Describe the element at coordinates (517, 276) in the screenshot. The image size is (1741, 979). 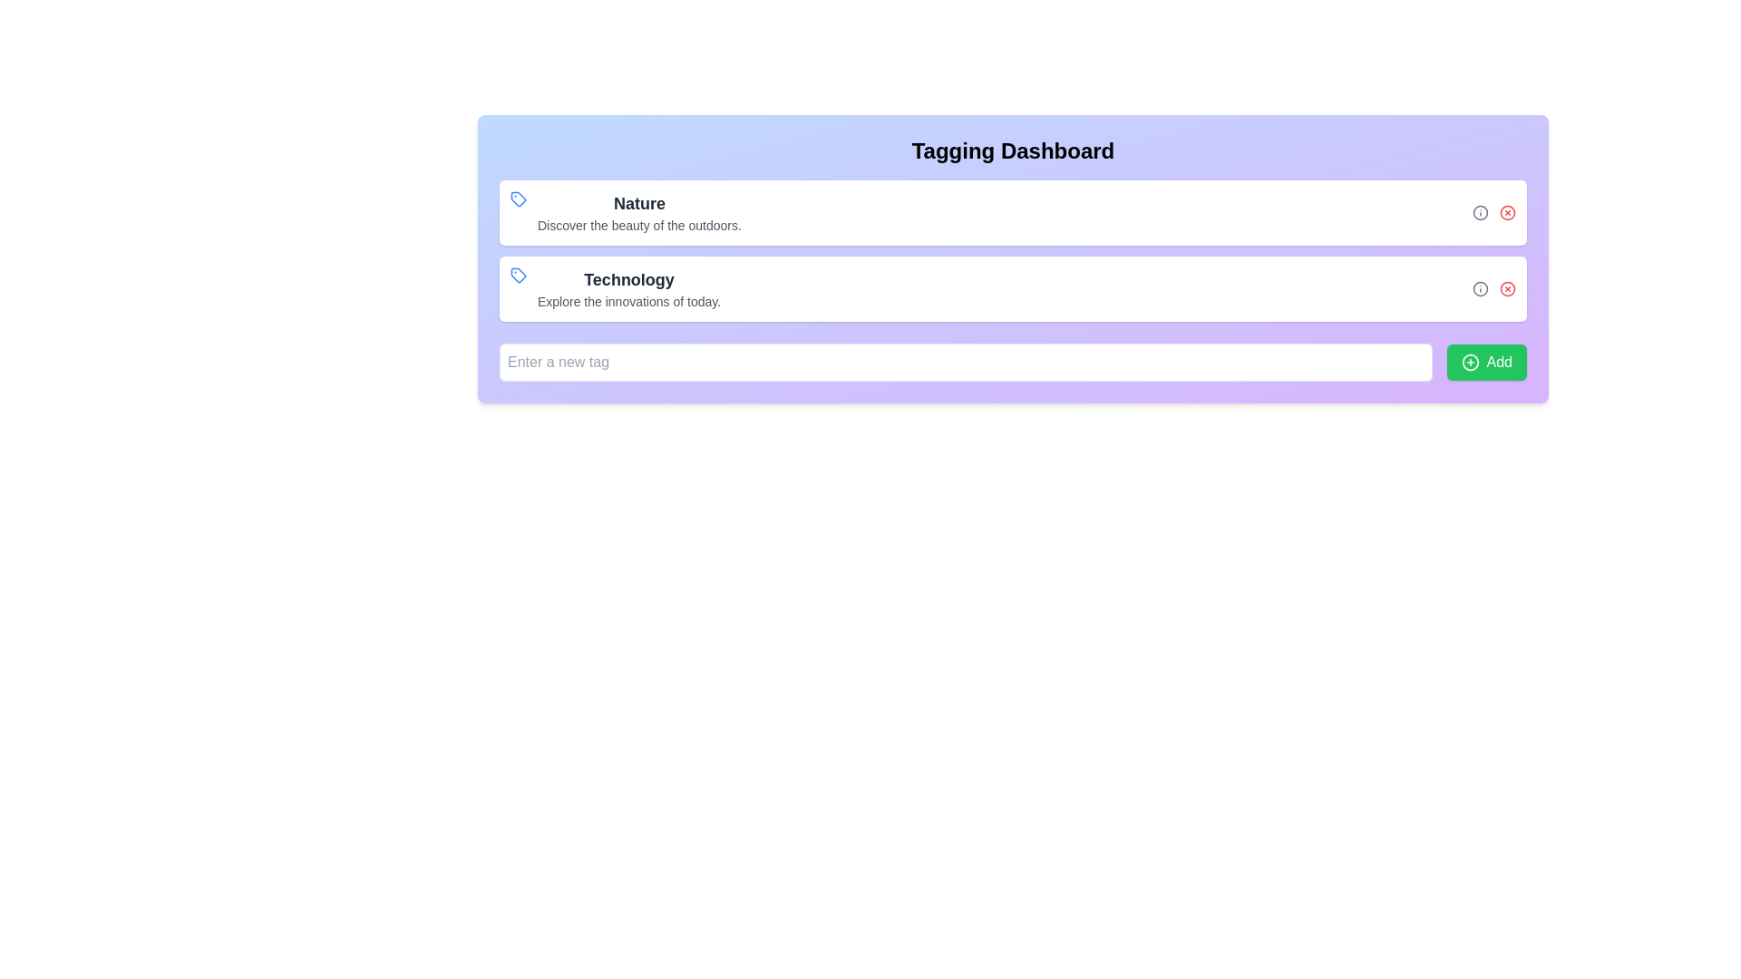
I see `the blue tag-shaped icon with a thin border located in the 'Technology' section, positioned to the left of the word 'Technology'` at that location.